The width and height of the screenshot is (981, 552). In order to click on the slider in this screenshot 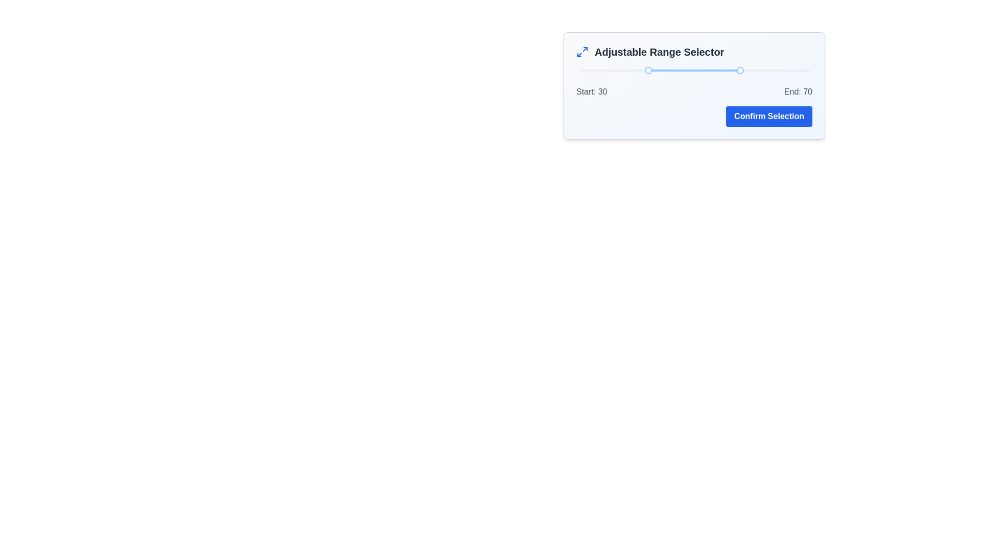, I will do `click(750, 70)`.